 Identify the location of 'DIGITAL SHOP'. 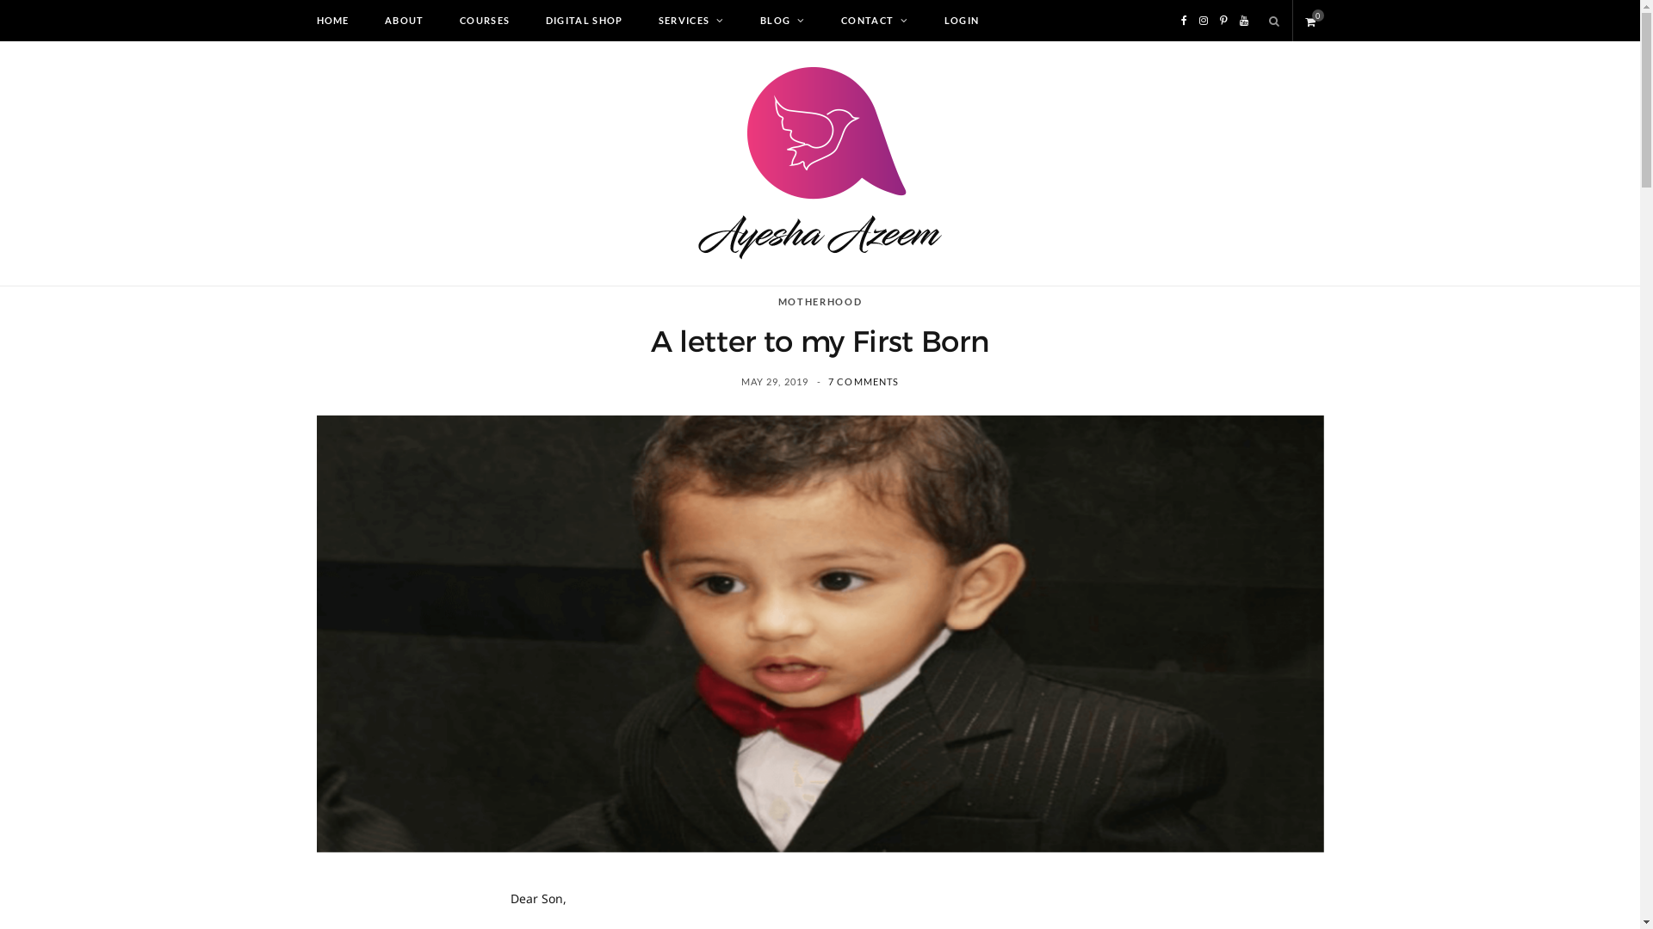
(528, 20).